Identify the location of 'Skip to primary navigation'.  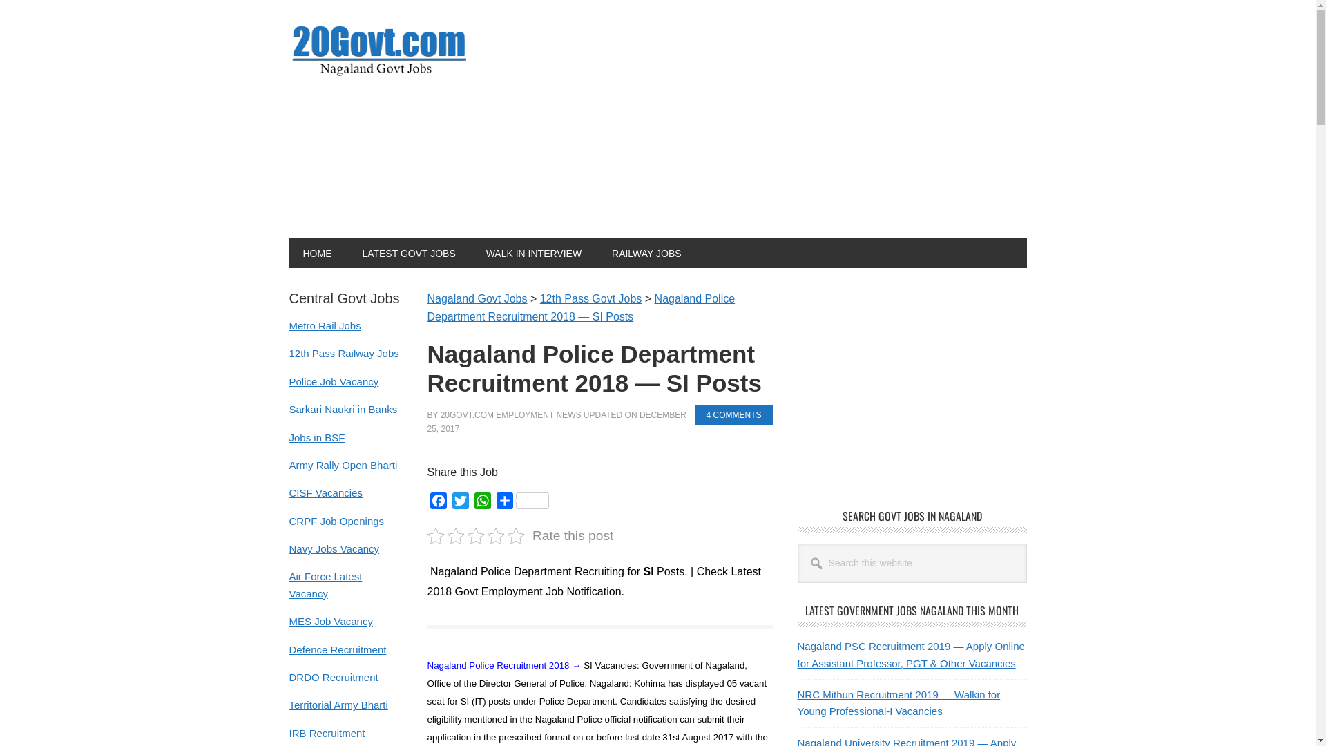
(0, 0).